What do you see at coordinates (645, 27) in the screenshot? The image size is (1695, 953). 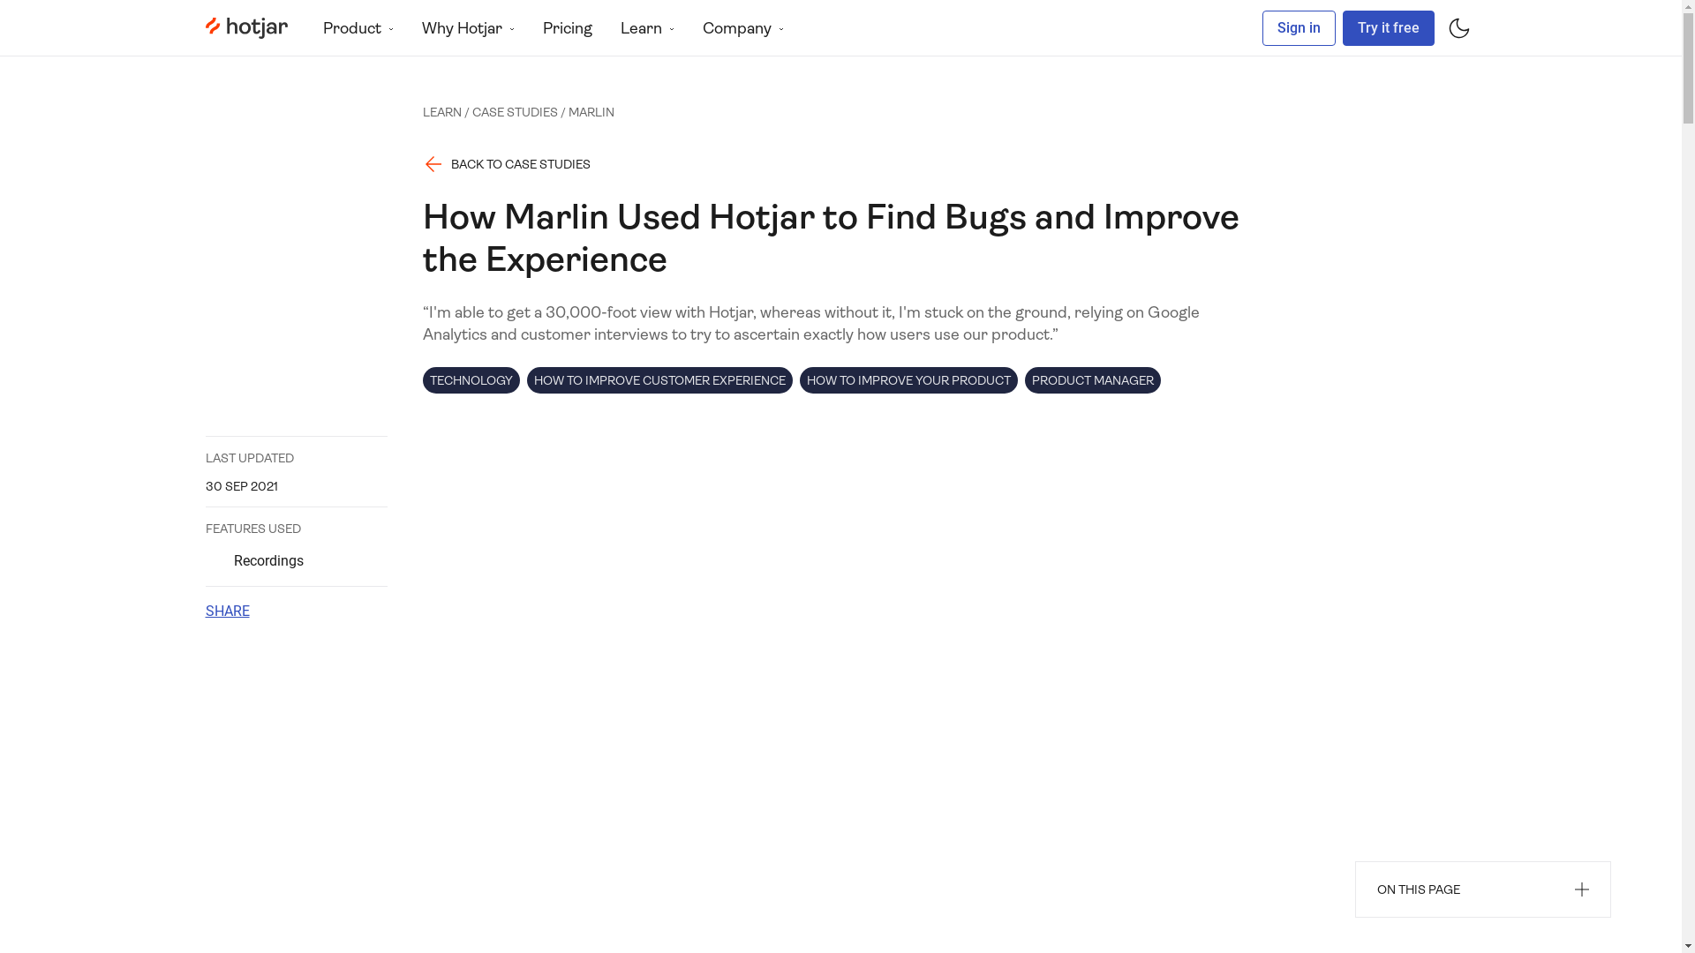 I see `'Learn'` at bounding box center [645, 27].